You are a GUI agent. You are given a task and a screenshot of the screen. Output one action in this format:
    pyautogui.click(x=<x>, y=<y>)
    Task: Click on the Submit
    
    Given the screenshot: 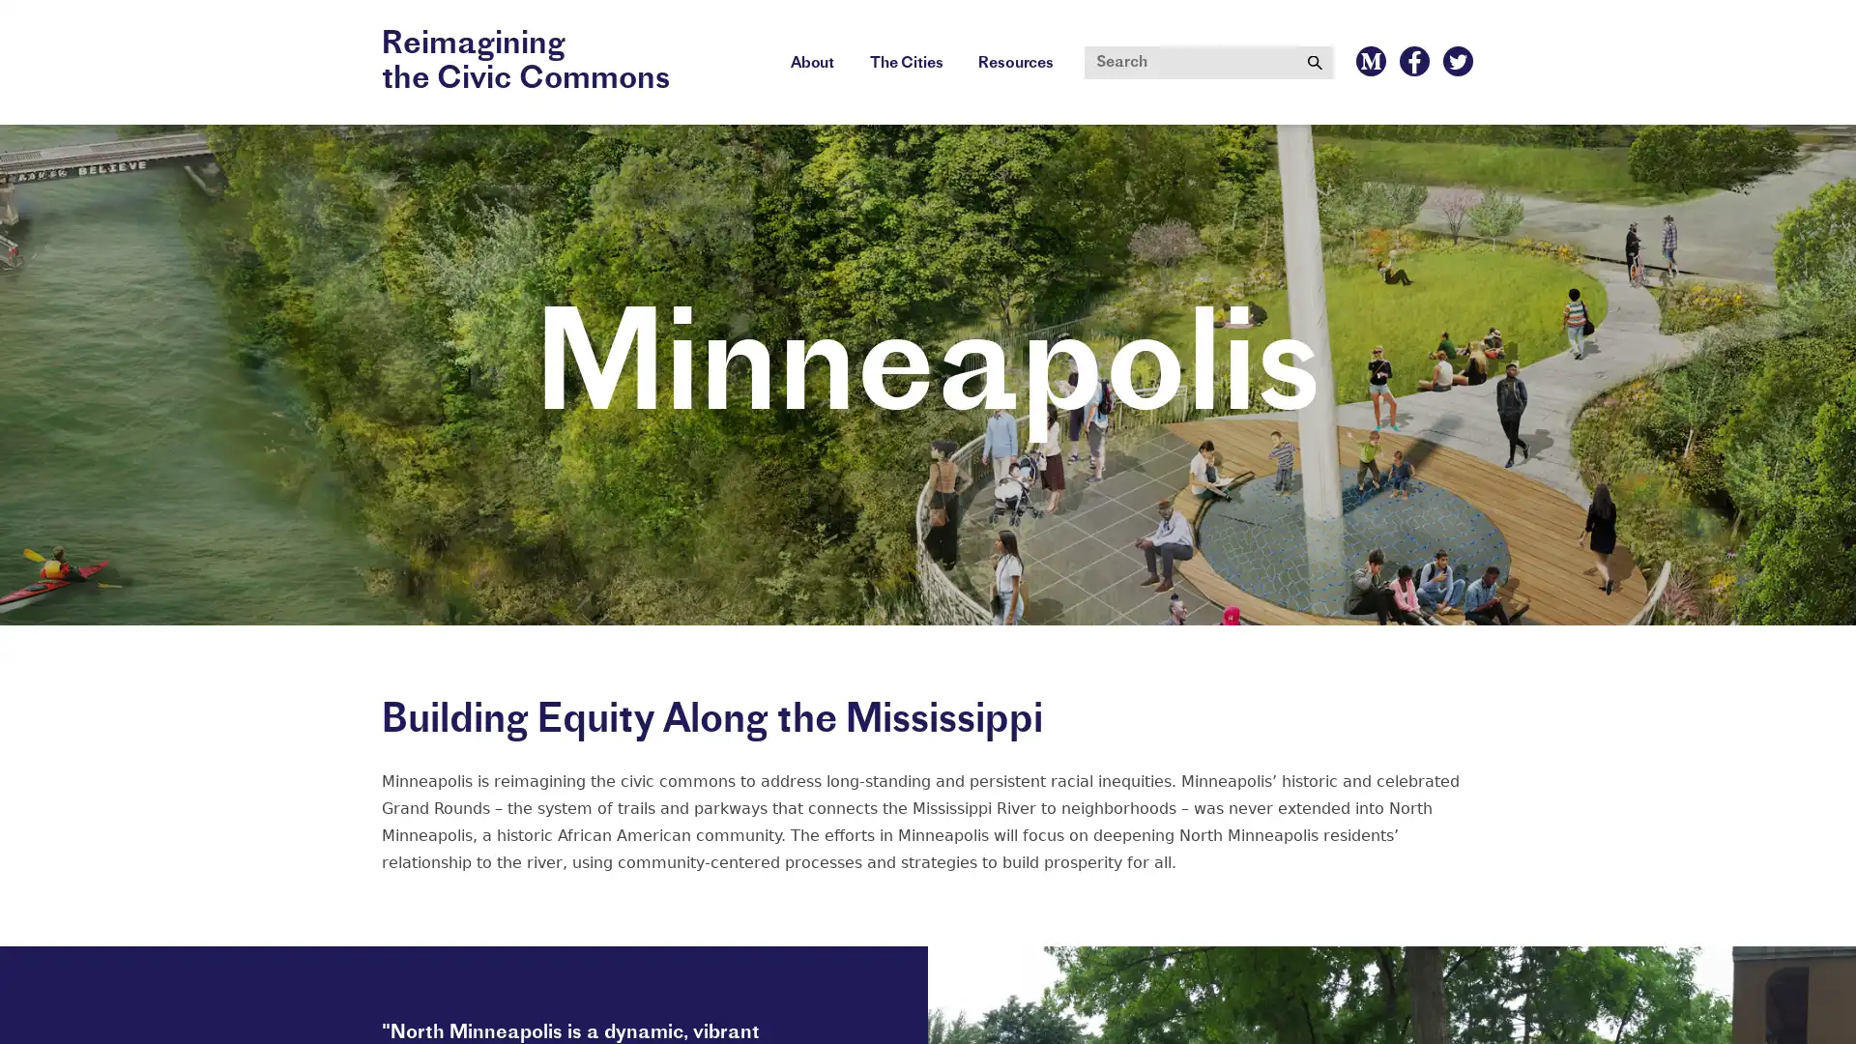 What is the action you would take?
    pyautogui.click(x=1315, y=61)
    